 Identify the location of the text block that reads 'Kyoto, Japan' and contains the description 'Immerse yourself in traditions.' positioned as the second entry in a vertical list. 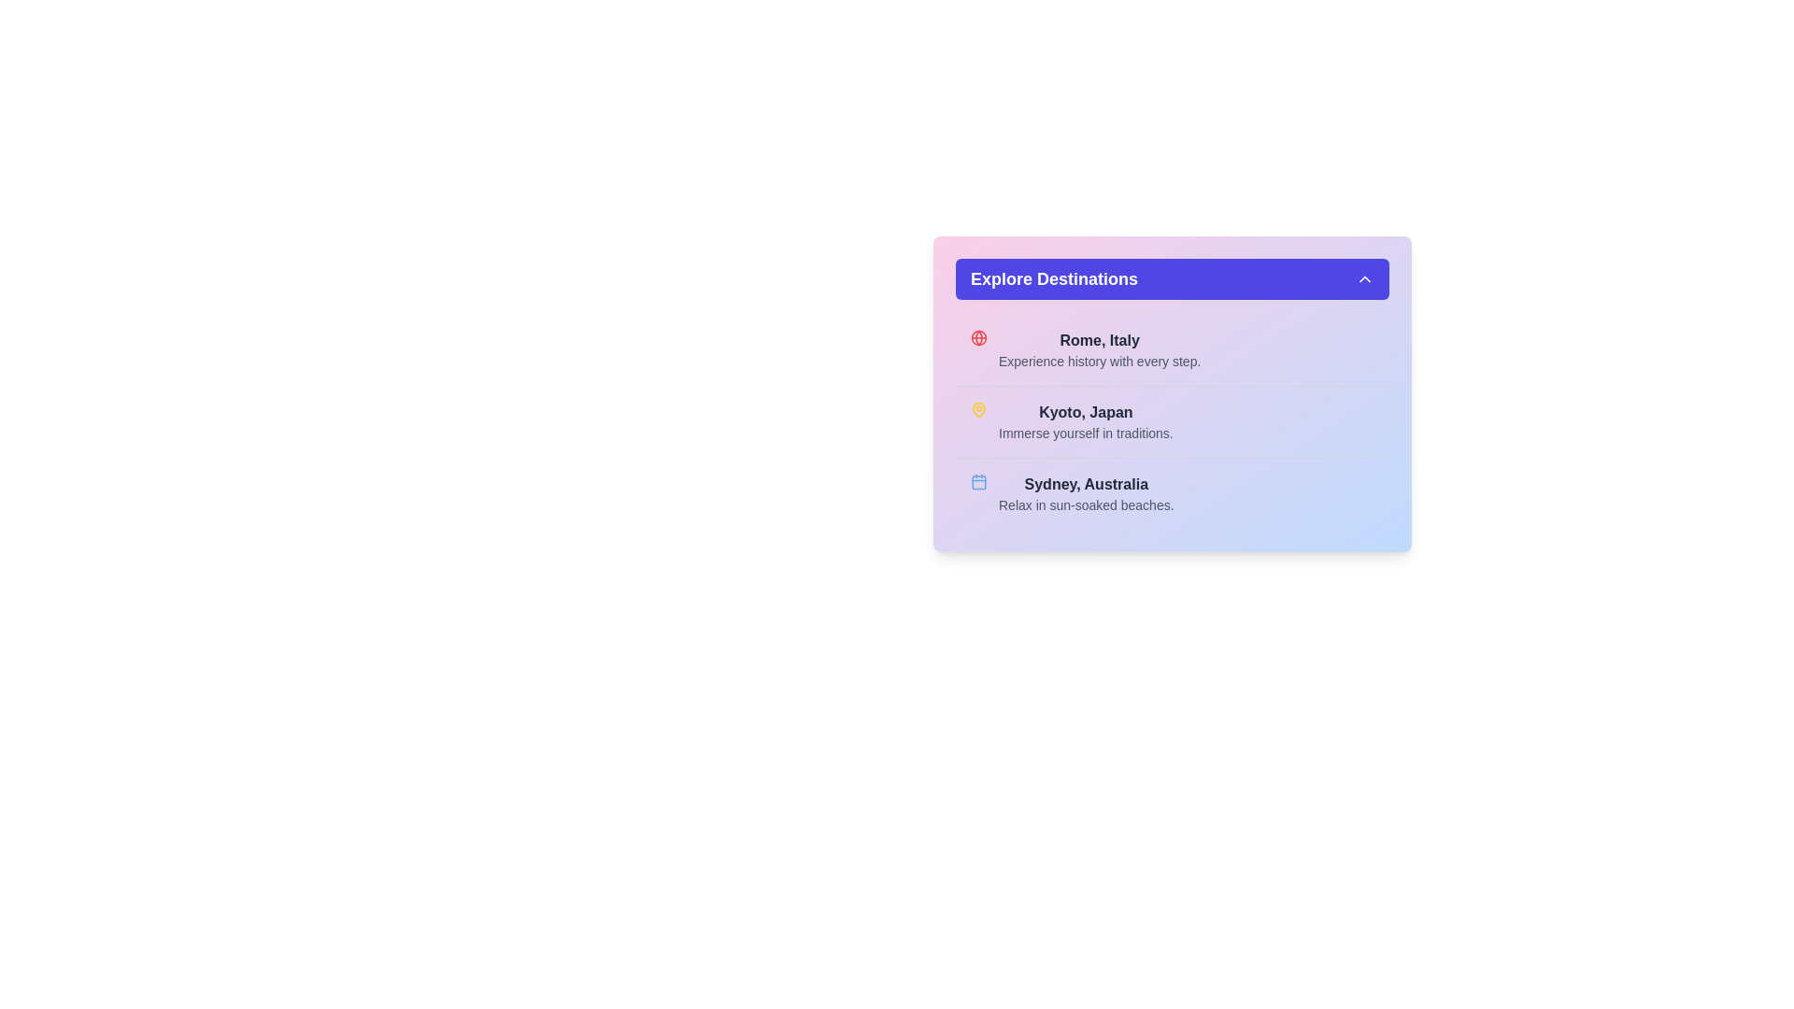
(1086, 421).